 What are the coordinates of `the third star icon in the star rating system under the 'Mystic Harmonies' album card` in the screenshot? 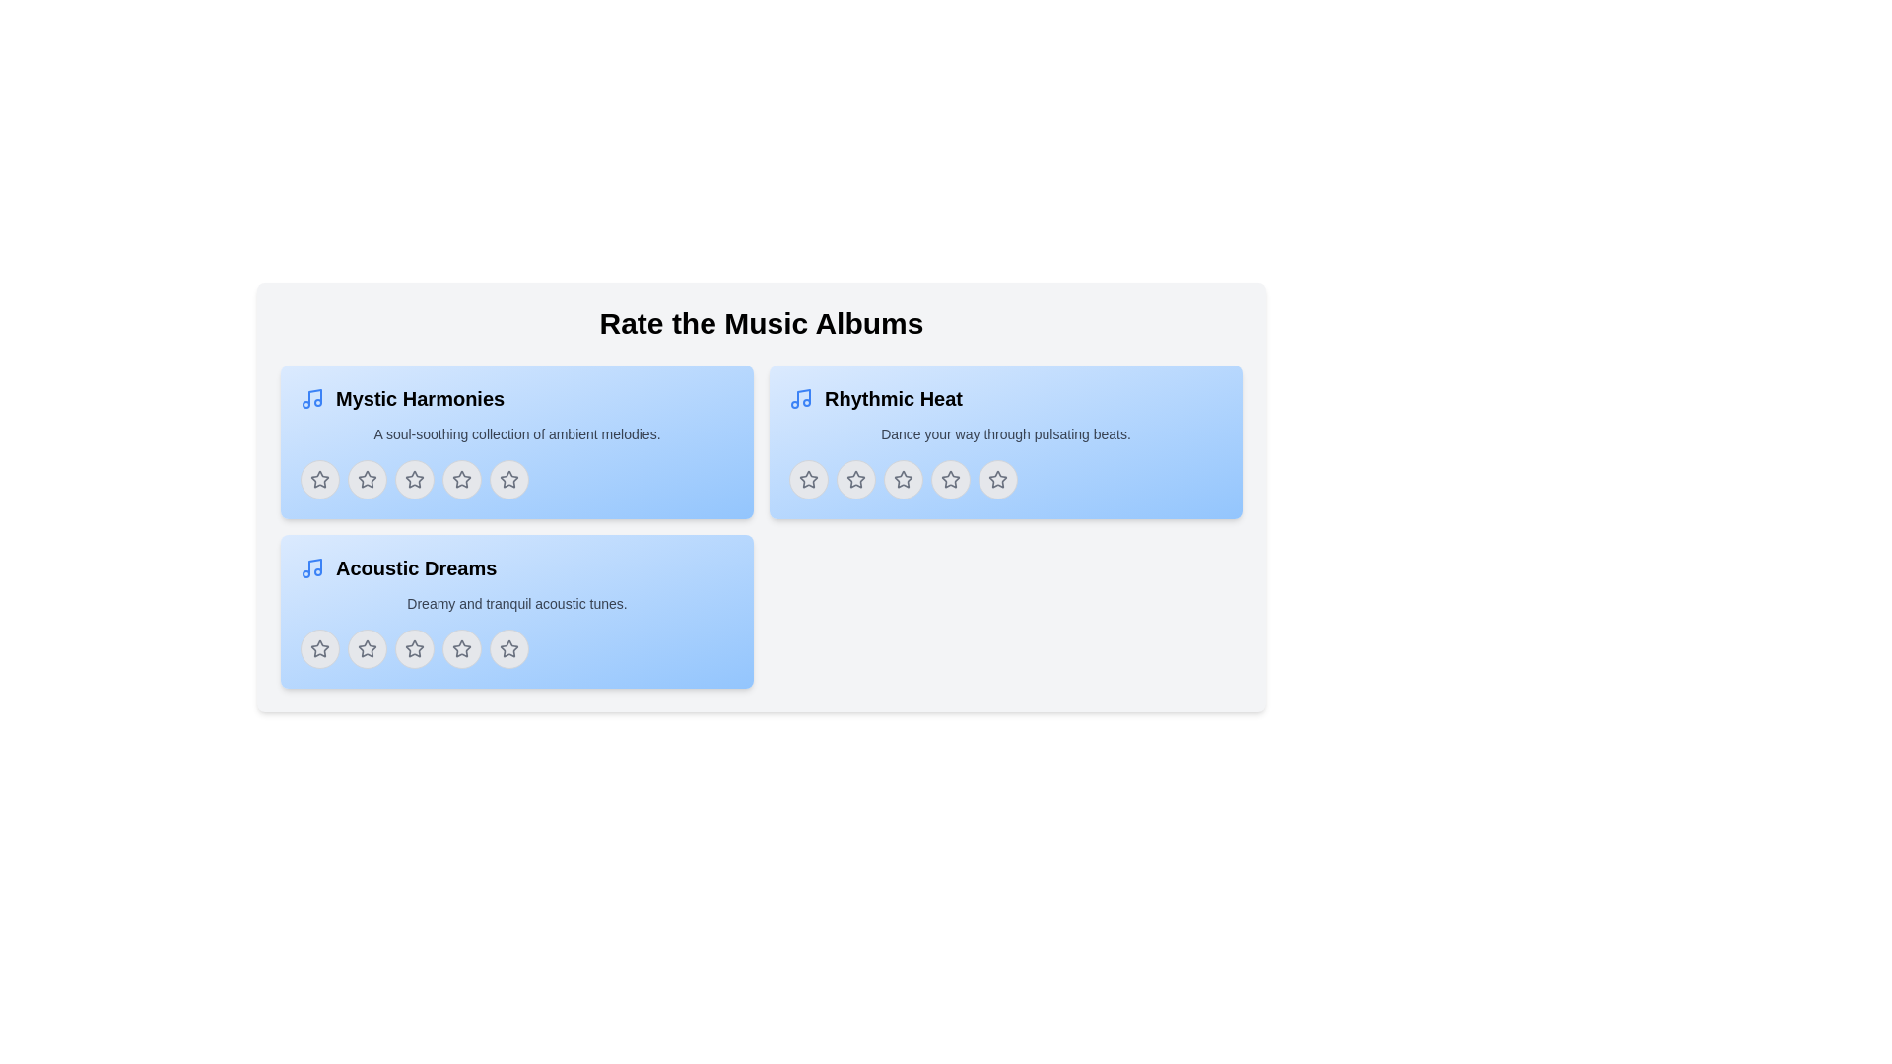 It's located at (414, 479).